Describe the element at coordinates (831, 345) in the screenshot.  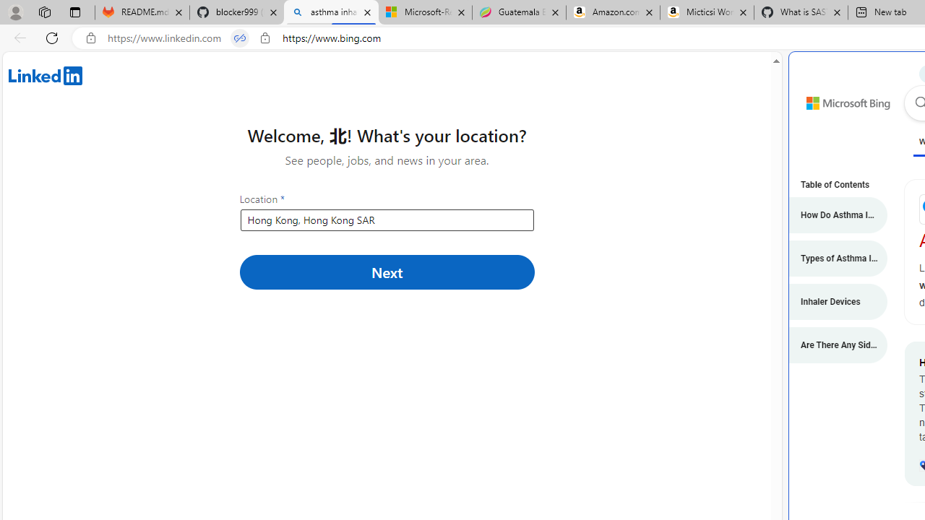
I see `'Are There Any Side-Effects from Asthma Inhalers?'` at that location.